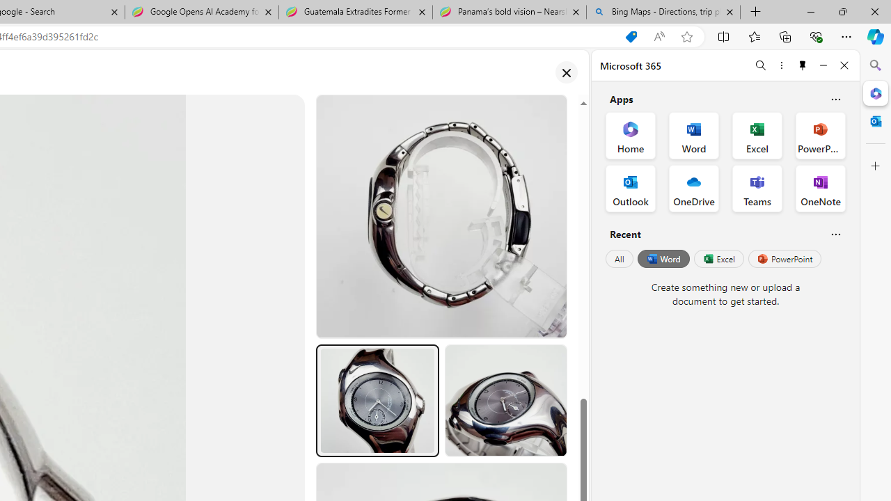 Image resolution: width=891 pixels, height=501 pixels. Describe the element at coordinates (619, 259) in the screenshot. I see `'All'` at that location.